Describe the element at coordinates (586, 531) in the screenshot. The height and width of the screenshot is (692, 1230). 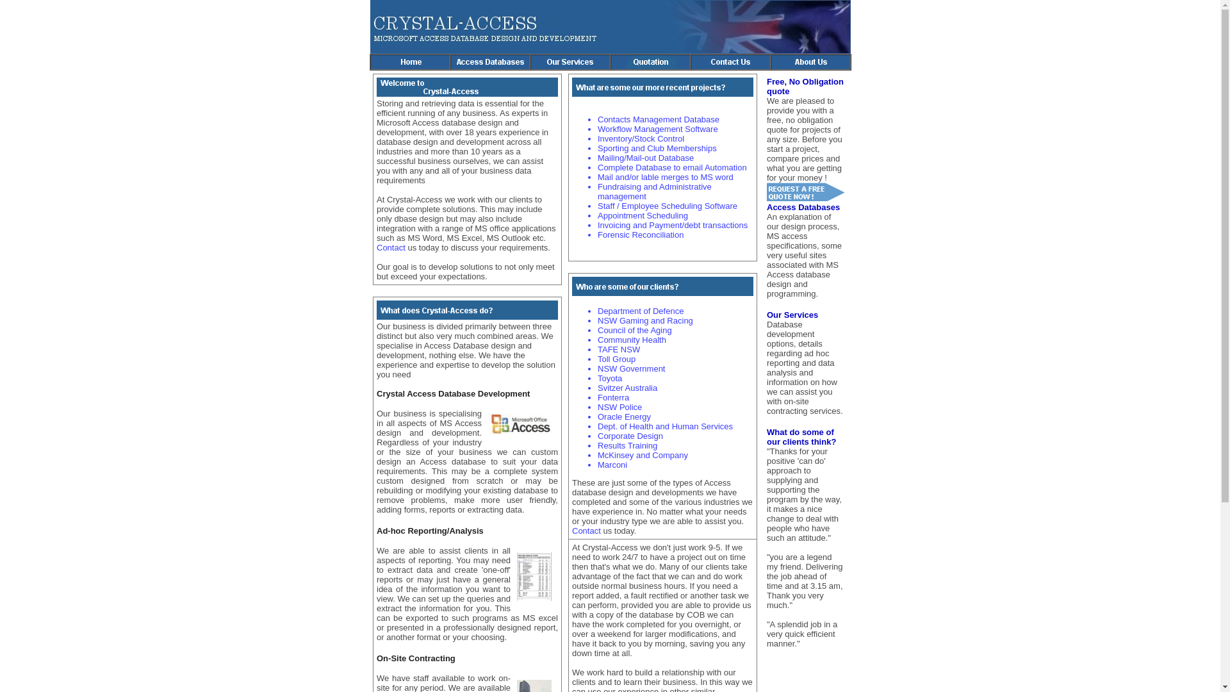
I see `'Contact'` at that location.